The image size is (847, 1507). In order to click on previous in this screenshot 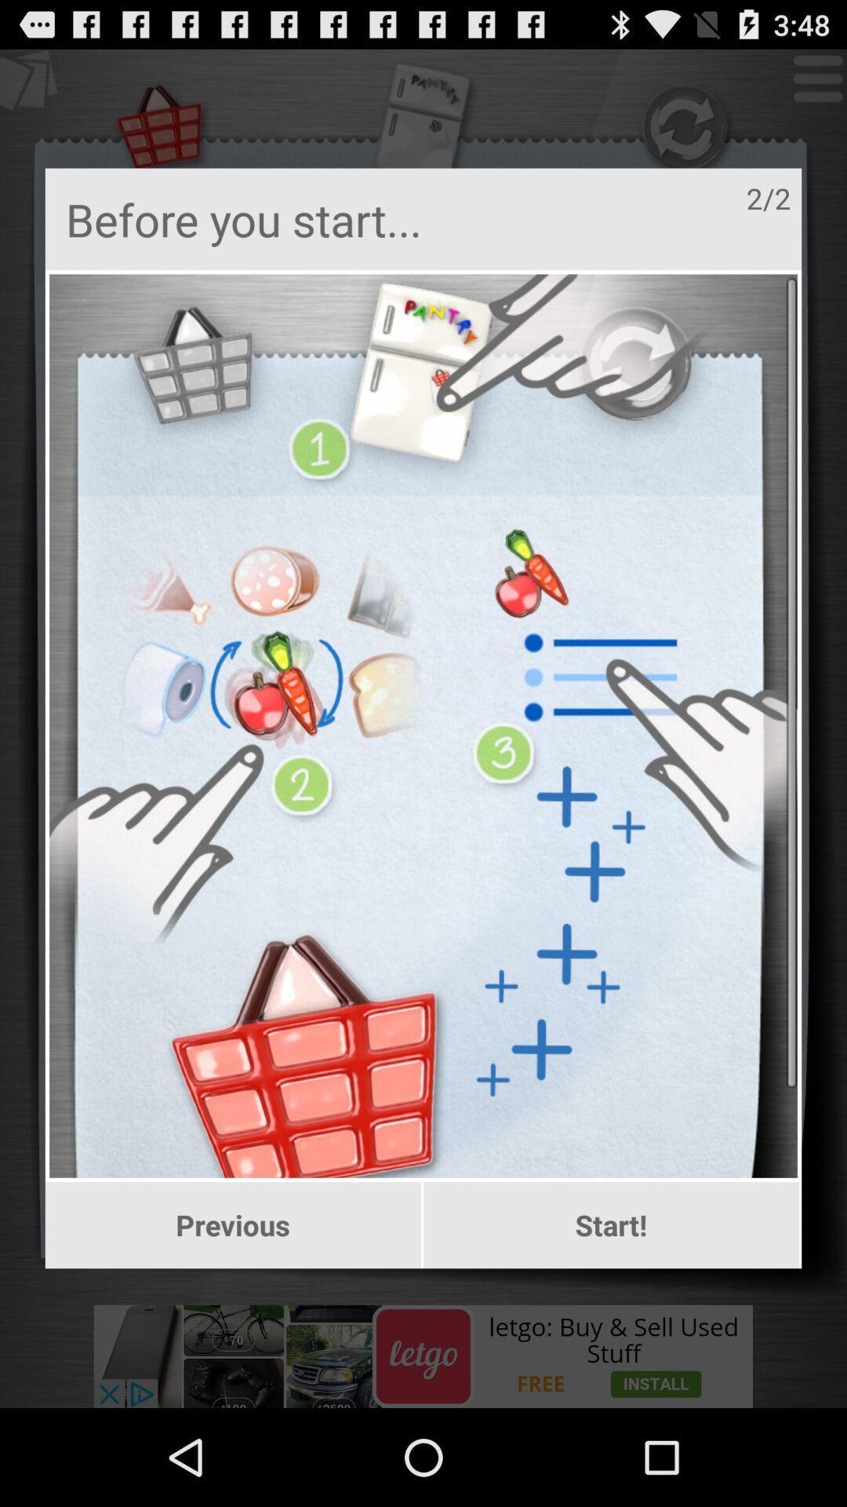, I will do `click(233, 1224)`.